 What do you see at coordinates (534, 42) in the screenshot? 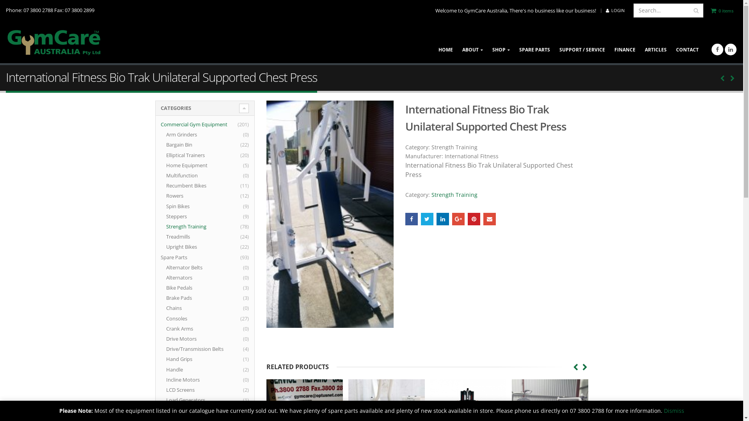
I see `'SPARE PARTS'` at bounding box center [534, 42].